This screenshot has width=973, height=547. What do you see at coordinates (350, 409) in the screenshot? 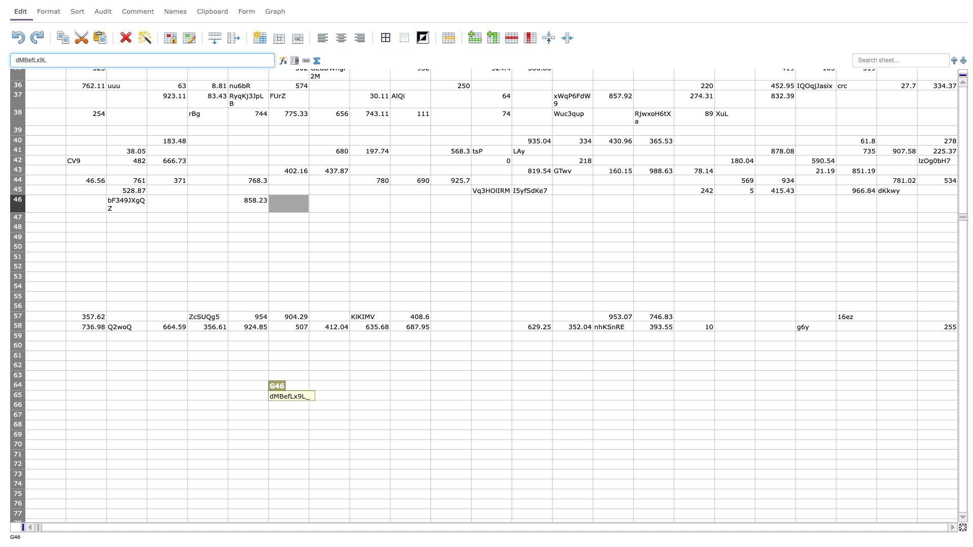
I see `bottom right corner of H66` at bounding box center [350, 409].